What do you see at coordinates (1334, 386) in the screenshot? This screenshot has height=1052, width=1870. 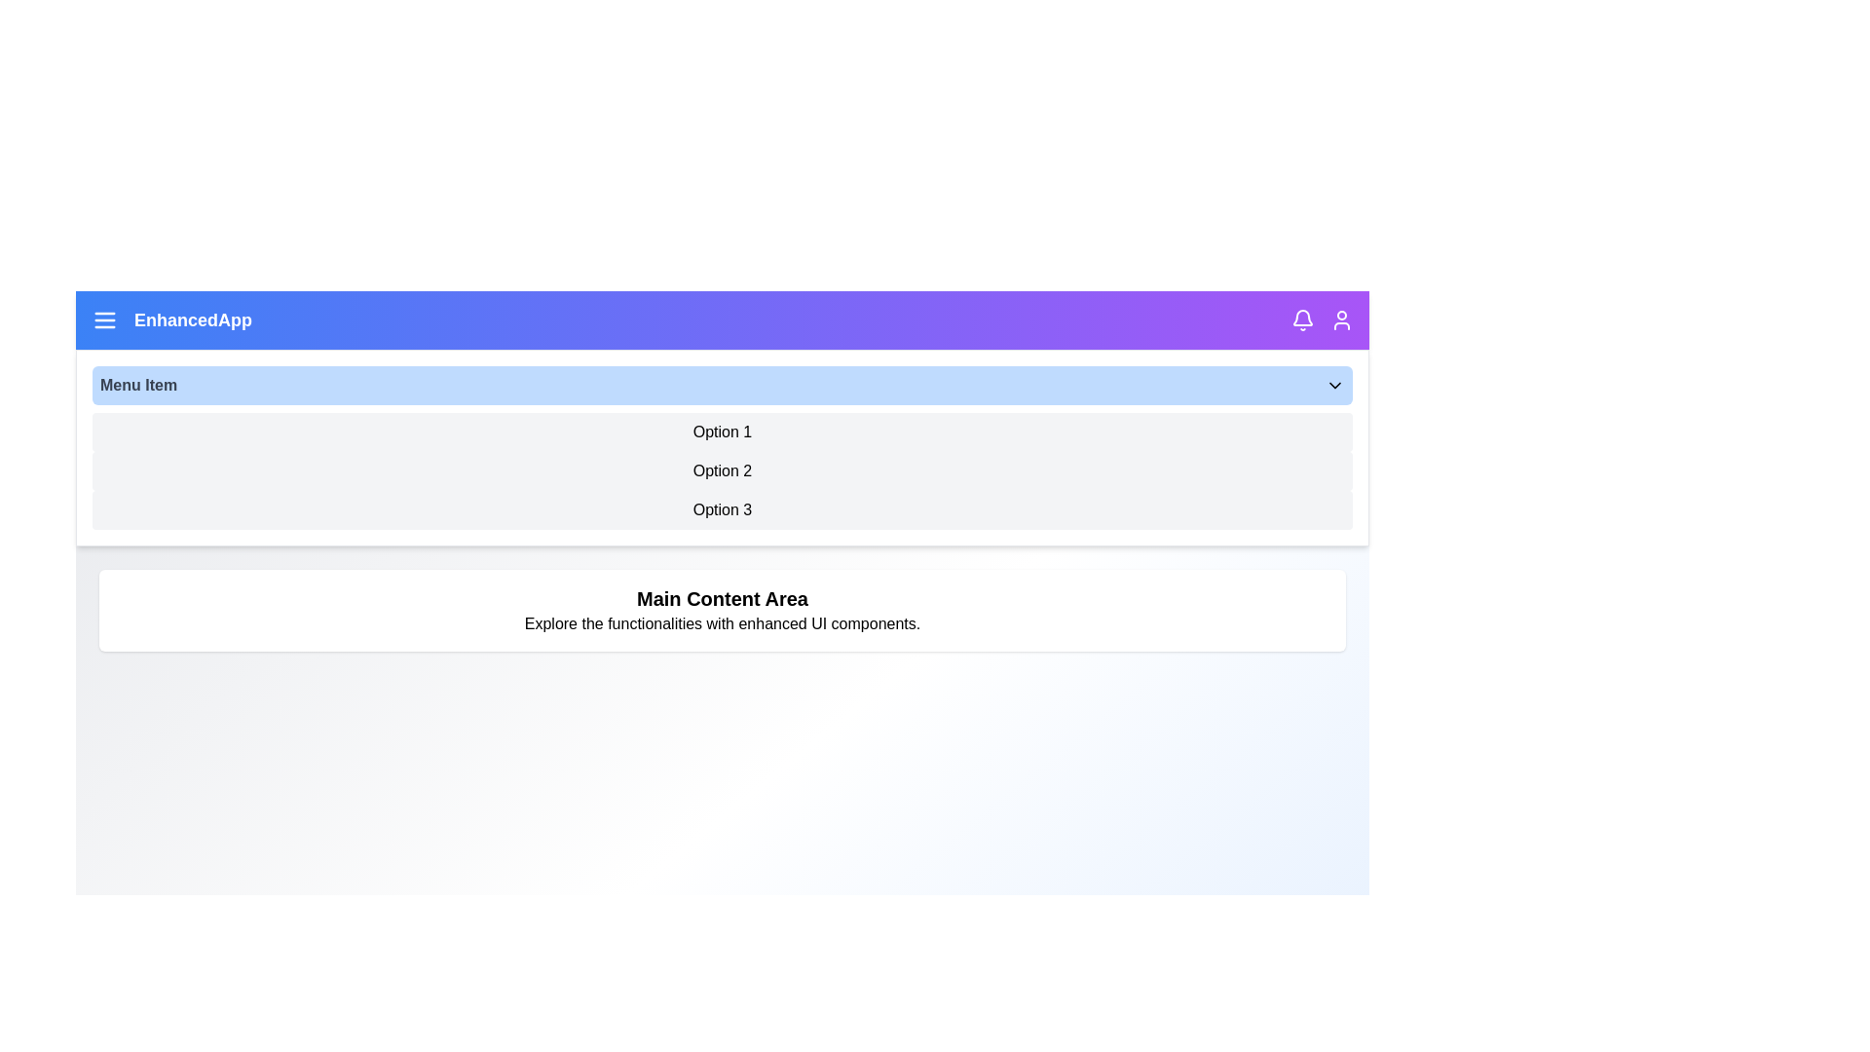 I see `the dropdown toggle button to toggle the visibility of the dropdown menu` at bounding box center [1334, 386].